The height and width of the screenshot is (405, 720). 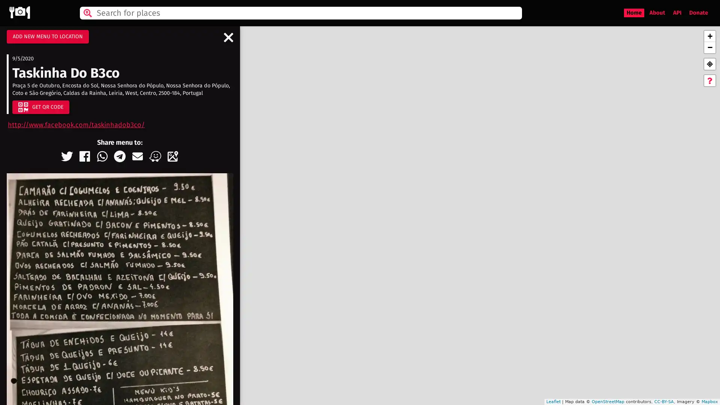 What do you see at coordinates (709, 63) in the screenshot?
I see `GPS location` at bounding box center [709, 63].